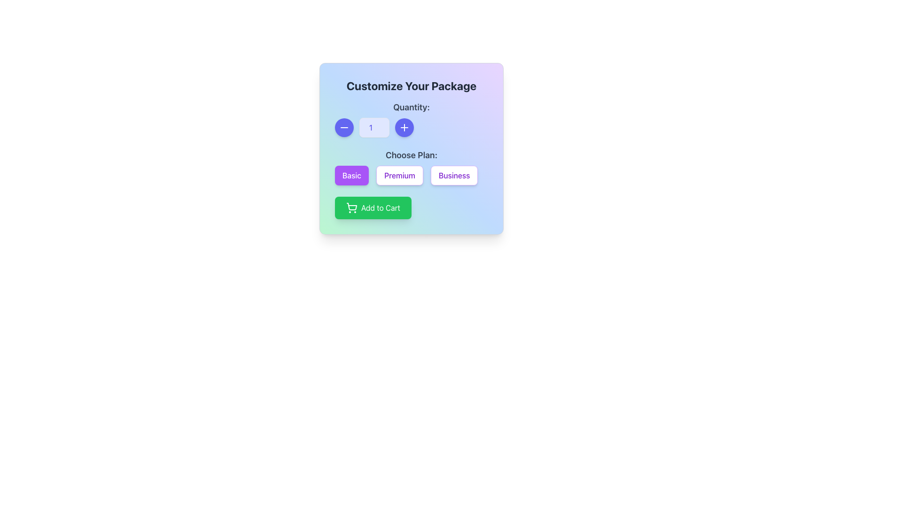 This screenshot has height=507, width=902. Describe the element at coordinates (351, 176) in the screenshot. I see `the 'Basic' button, which is a rectangular button with rounded edges, purple background, and white text` at that location.